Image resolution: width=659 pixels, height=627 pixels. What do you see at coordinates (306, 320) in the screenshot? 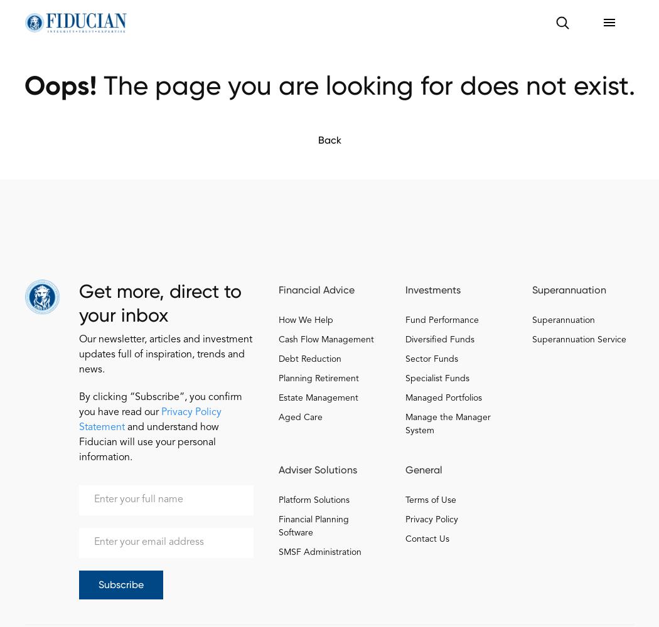
I see `'How We Help'` at bounding box center [306, 320].